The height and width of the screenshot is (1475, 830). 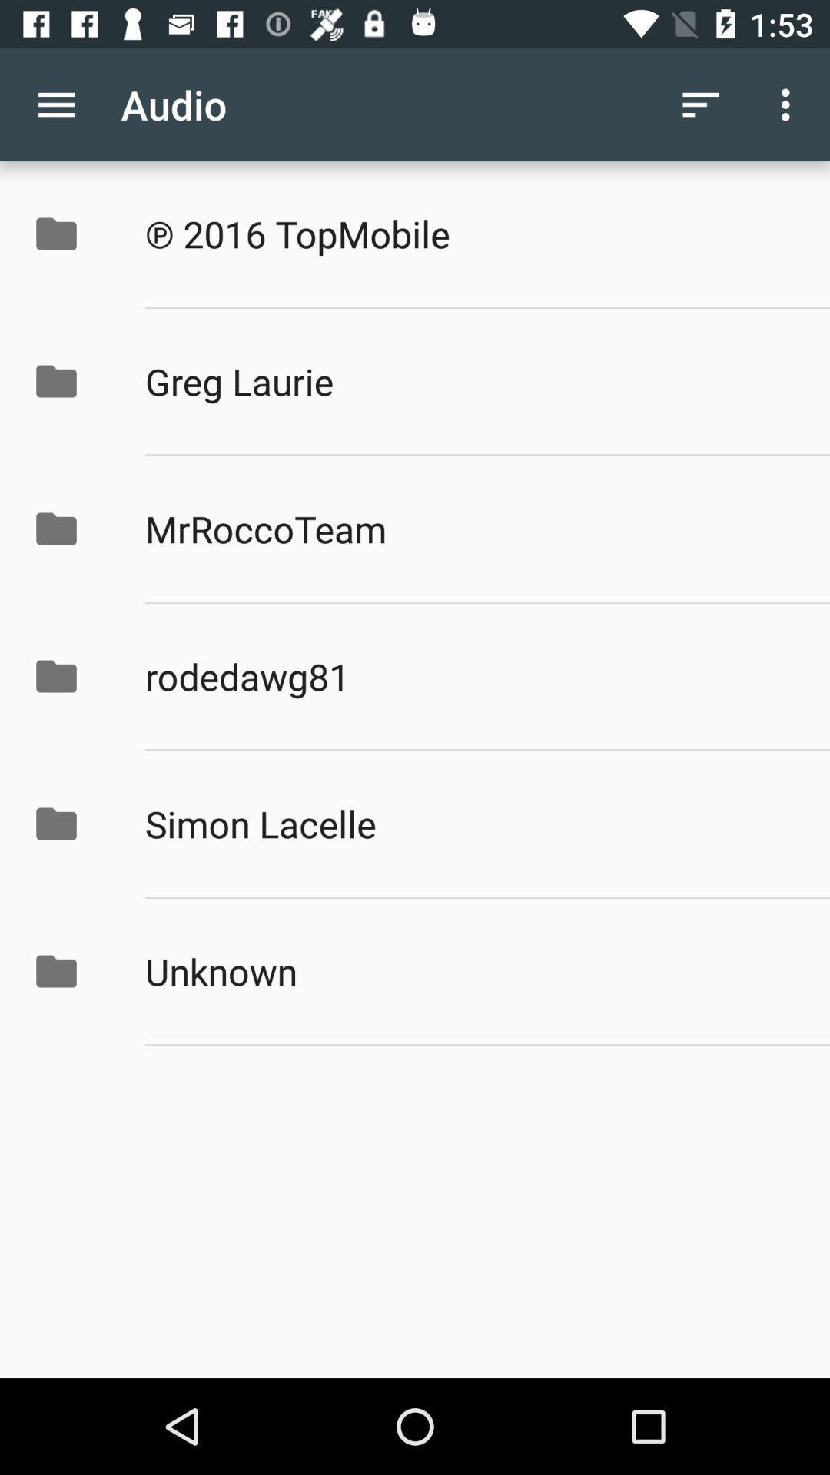 I want to click on greg laurie icon, so click(x=470, y=381).